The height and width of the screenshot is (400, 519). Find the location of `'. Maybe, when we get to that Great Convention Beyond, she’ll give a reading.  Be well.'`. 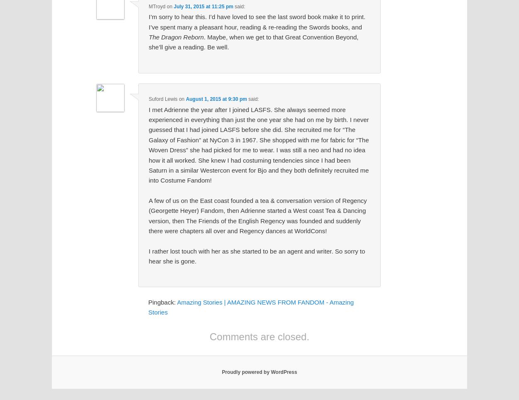

'. Maybe, when we get to that Great Convention Beyond, she’ll give a reading.  Be well.' is located at coordinates (253, 41).